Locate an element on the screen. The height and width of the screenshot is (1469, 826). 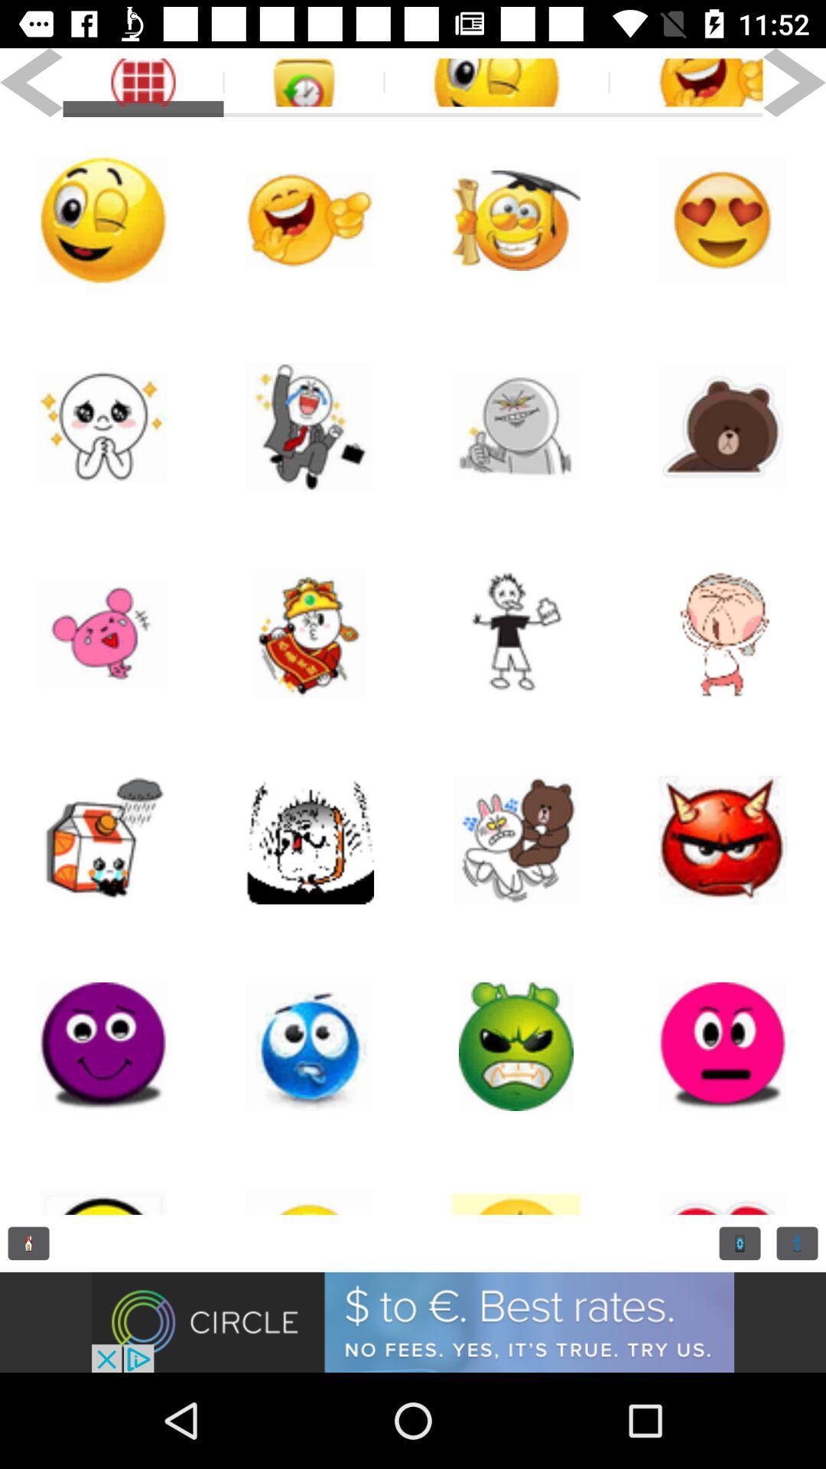
crying pictrue is located at coordinates (103, 426).